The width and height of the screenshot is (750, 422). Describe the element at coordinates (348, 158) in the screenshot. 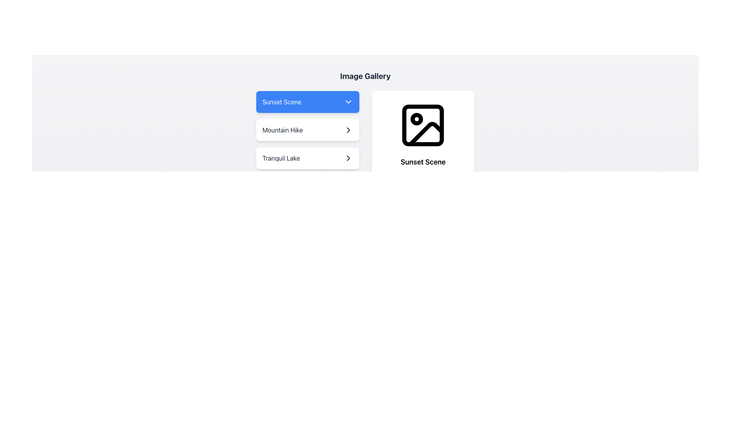

I see `the rightward-pointing chevron arrow icon within the 'Mountain Hike' button` at that location.